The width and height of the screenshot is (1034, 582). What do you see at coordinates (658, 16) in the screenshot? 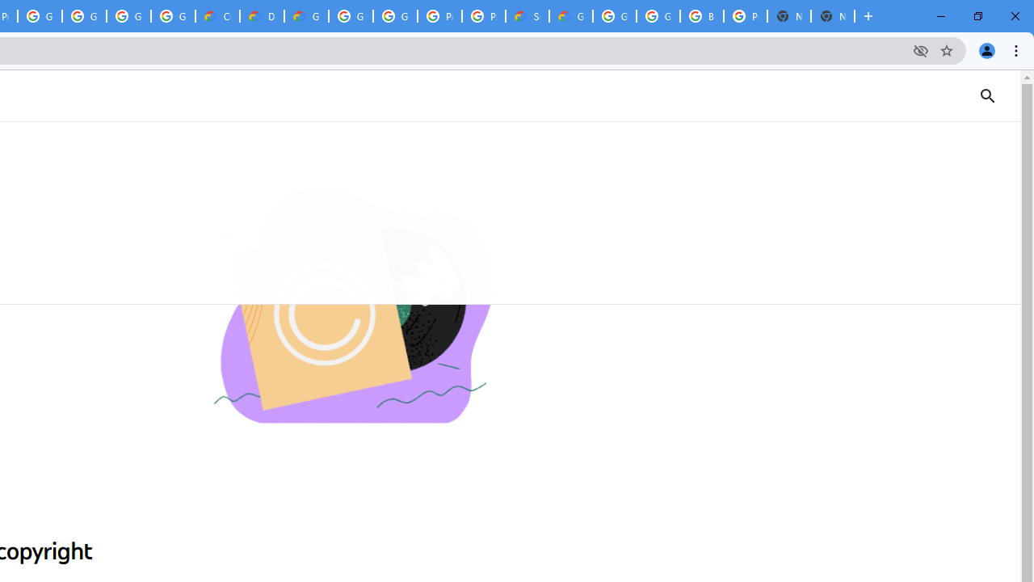
I see `'Google Cloud Platform'` at bounding box center [658, 16].